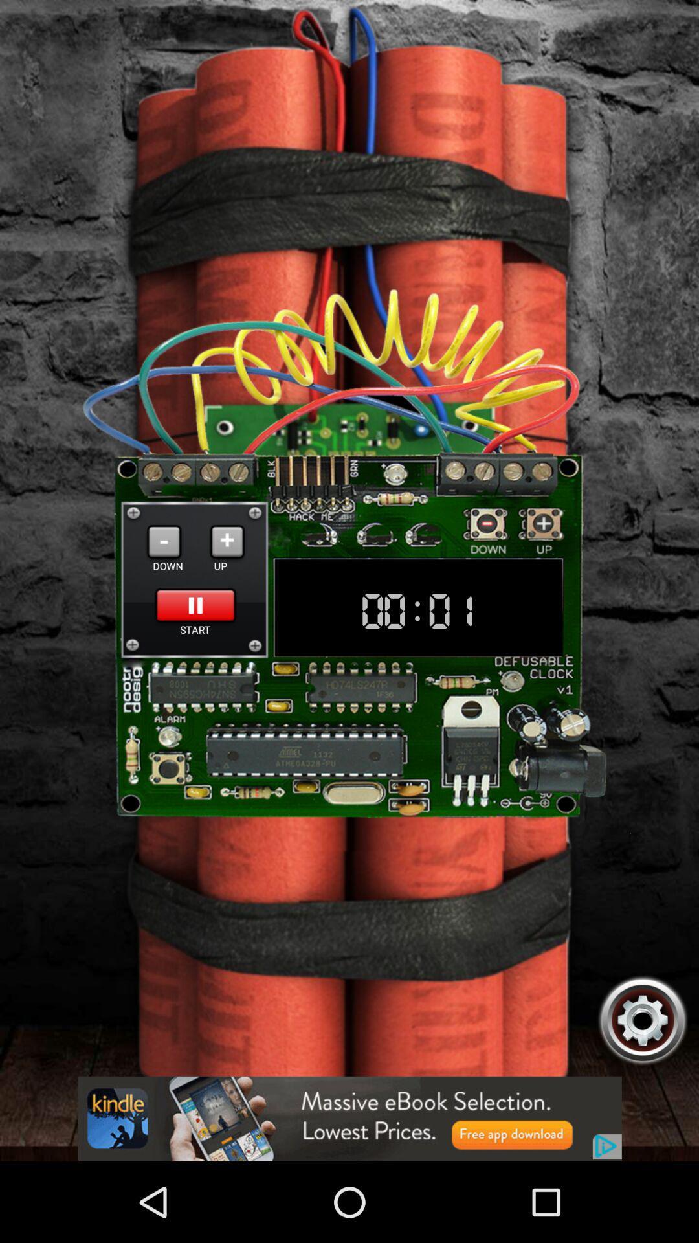 This screenshot has width=699, height=1243. Describe the element at coordinates (163, 582) in the screenshot. I see `the minus icon` at that location.